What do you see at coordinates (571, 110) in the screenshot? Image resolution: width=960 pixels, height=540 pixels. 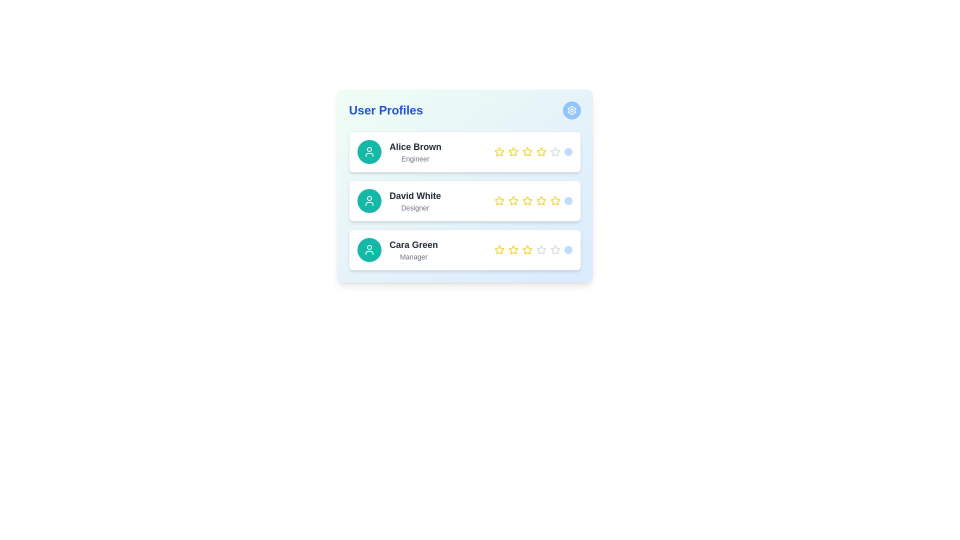 I see `the blue circular button icon located at the top-right corner of the 'User Profiles' card` at bounding box center [571, 110].